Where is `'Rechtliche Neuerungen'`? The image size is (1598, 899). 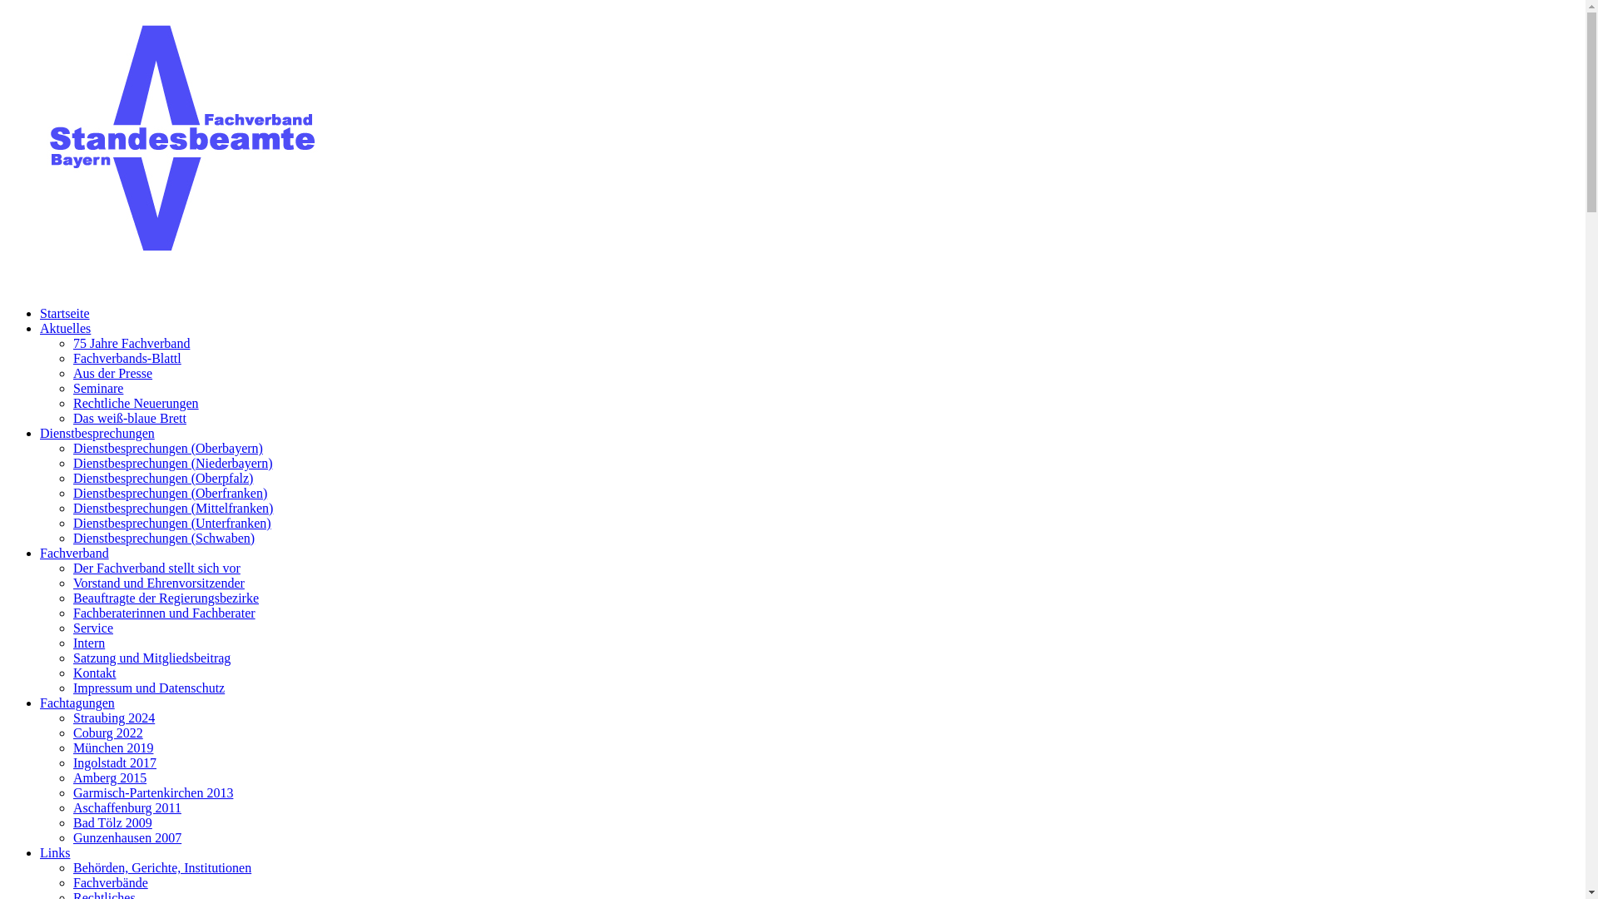 'Rechtliche Neuerungen' is located at coordinates (72, 403).